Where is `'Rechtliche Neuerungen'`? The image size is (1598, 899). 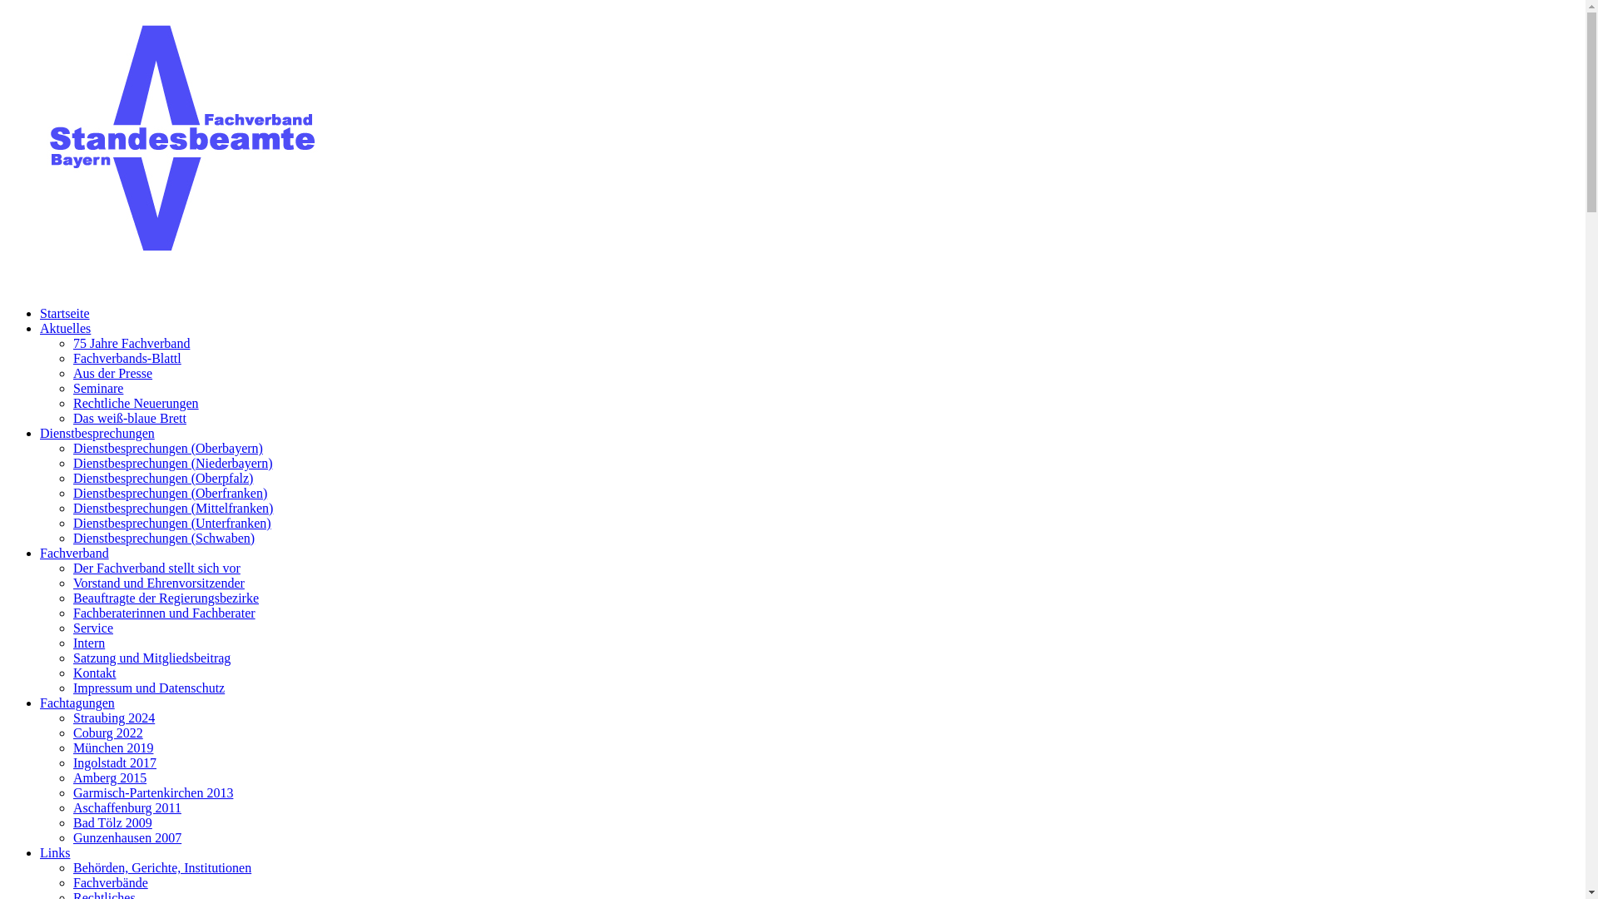 'Rechtliche Neuerungen' is located at coordinates (72, 403).